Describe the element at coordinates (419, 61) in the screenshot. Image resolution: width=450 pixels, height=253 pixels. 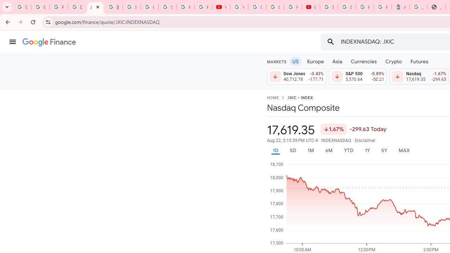
I see `'Futures'` at that location.